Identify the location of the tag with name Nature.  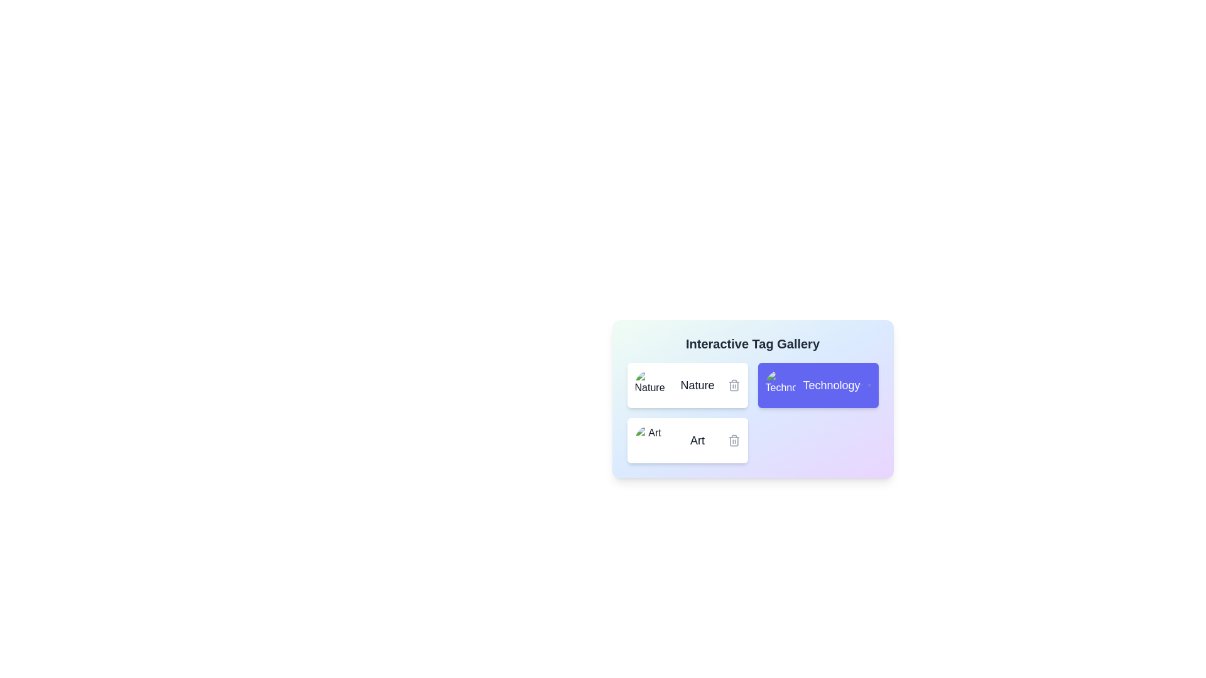
(687, 384).